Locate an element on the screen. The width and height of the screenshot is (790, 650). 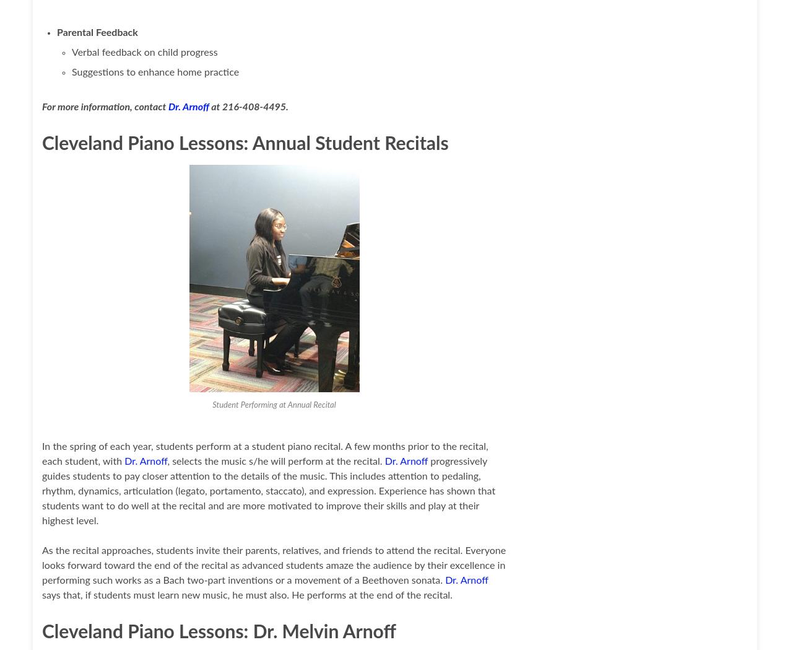
'Student Performing at Annual Recital' is located at coordinates (274, 404).